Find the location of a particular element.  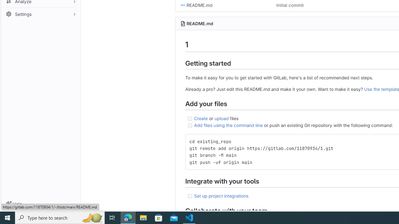

'upload' is located at coordinates (222, 118).